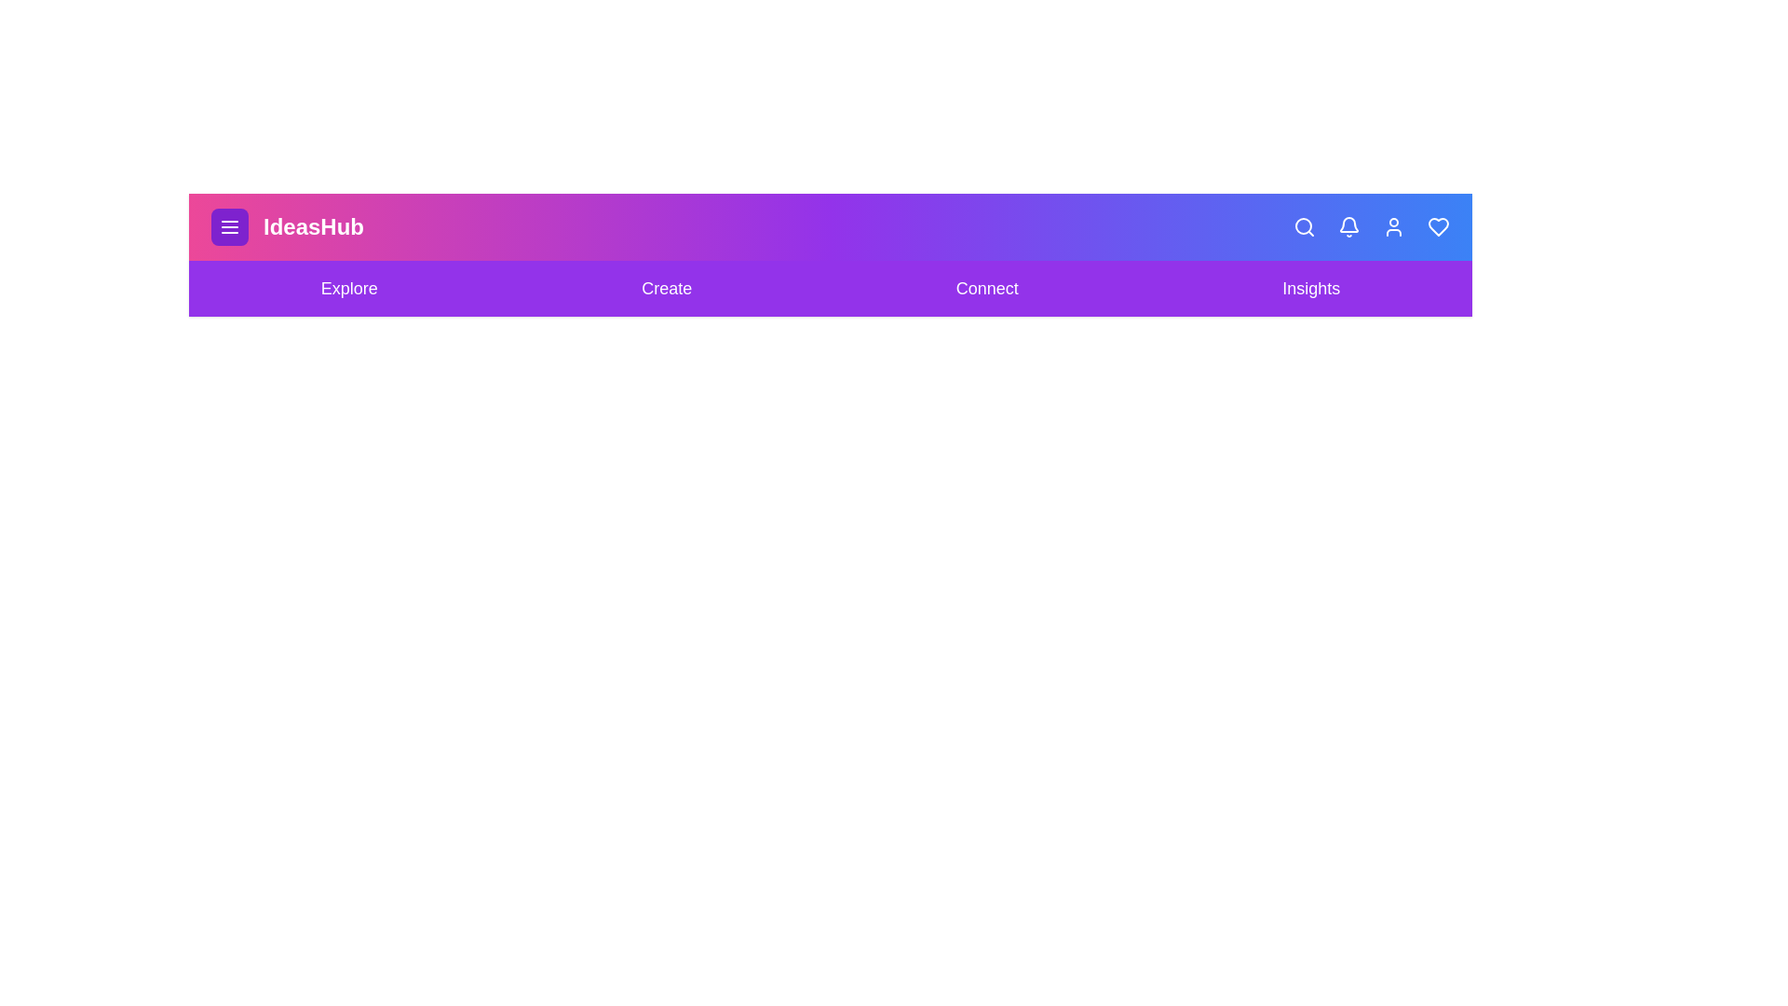 The image size is (1788, 1006). What do you see at coordinates (1394, 225) in the screenshot?
I see `the User icon in the app bar` at bounding box center [1394, 225].